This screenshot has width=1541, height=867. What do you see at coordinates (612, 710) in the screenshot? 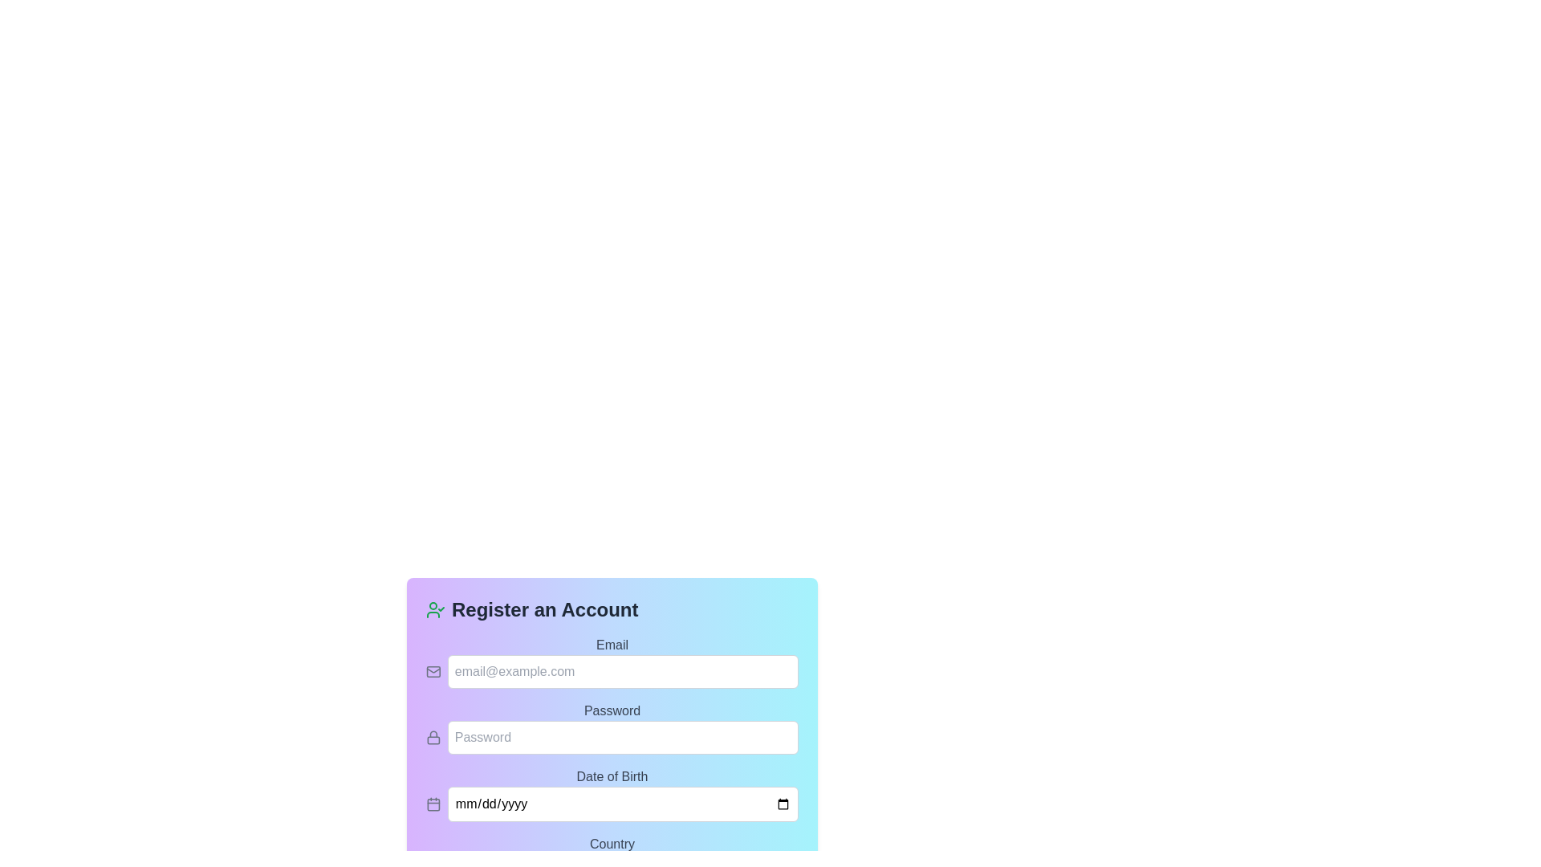
I see `the 'Password' label, which is a bold gray text label positioned above the password input field in the form` at bounding box center [612, 710].